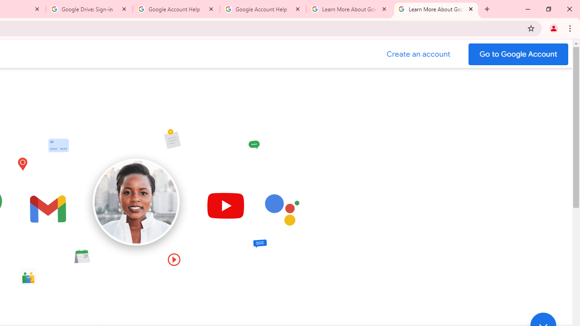  I want to click on 'Go to your Google Account', so click(518, 54).